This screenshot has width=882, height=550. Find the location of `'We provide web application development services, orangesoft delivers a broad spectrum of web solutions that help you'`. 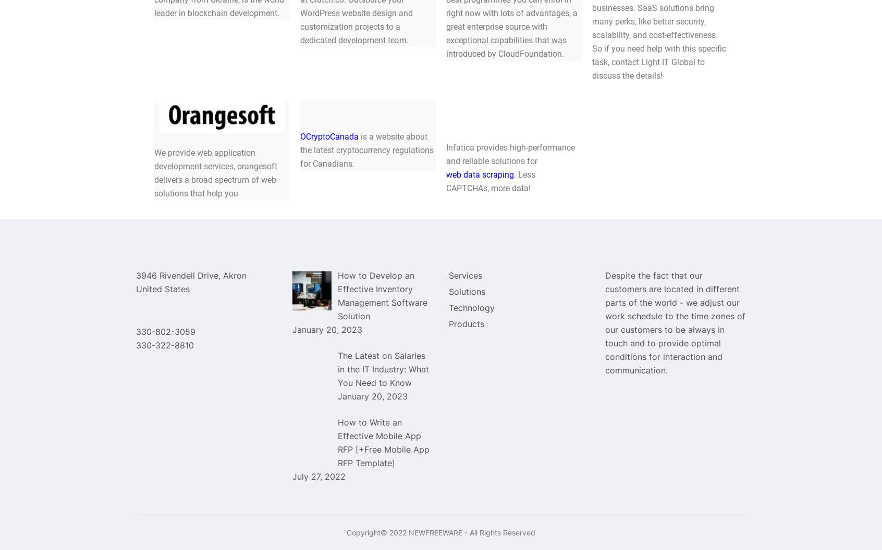

'We provide web application development services, orangesoft delivers a broad spectrum of web solutions that help you' is located at coordinates (153, 172).